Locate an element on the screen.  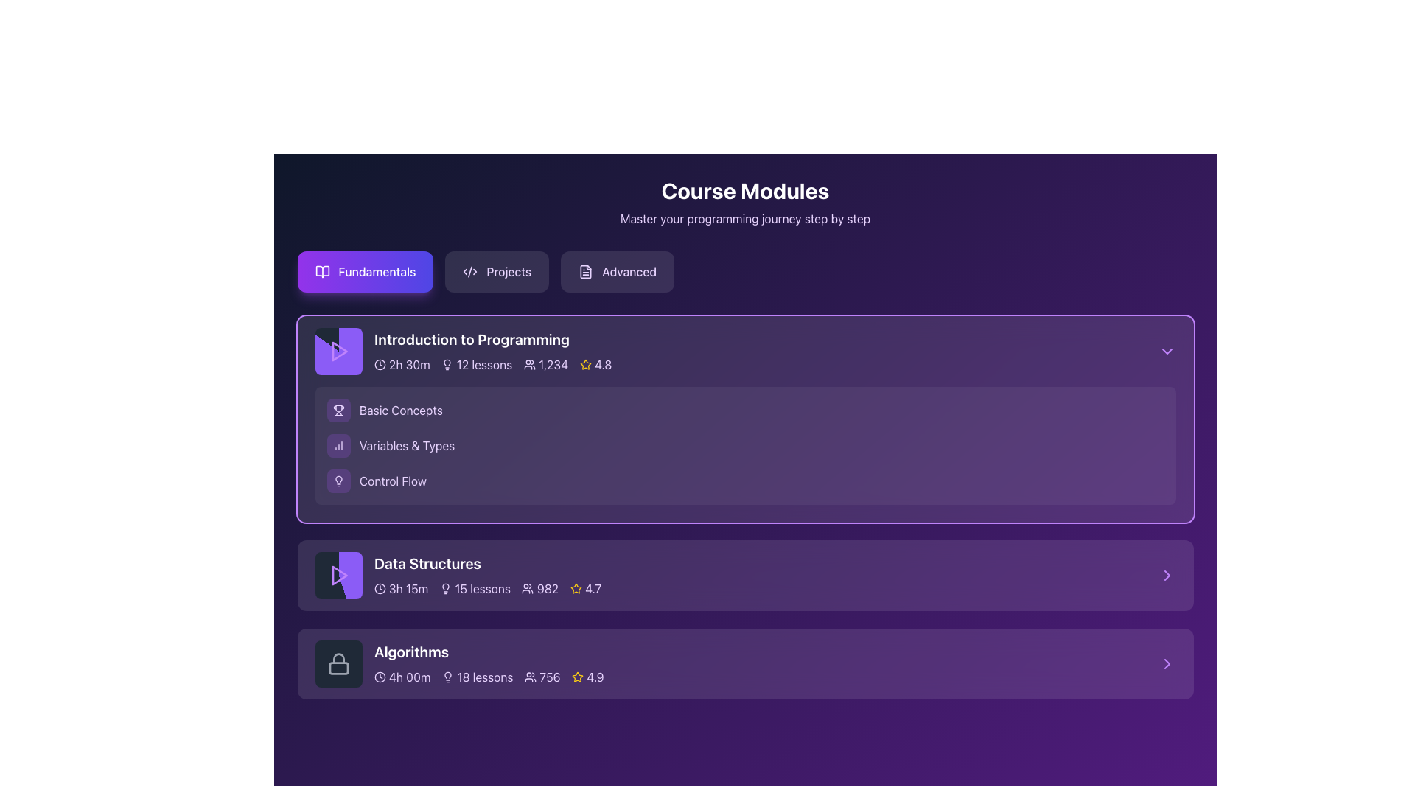
the circular icon component representing time allocation in the 'Introduction to Programming' section of the 'Course Modules' view is located at coordinates (380, 364).